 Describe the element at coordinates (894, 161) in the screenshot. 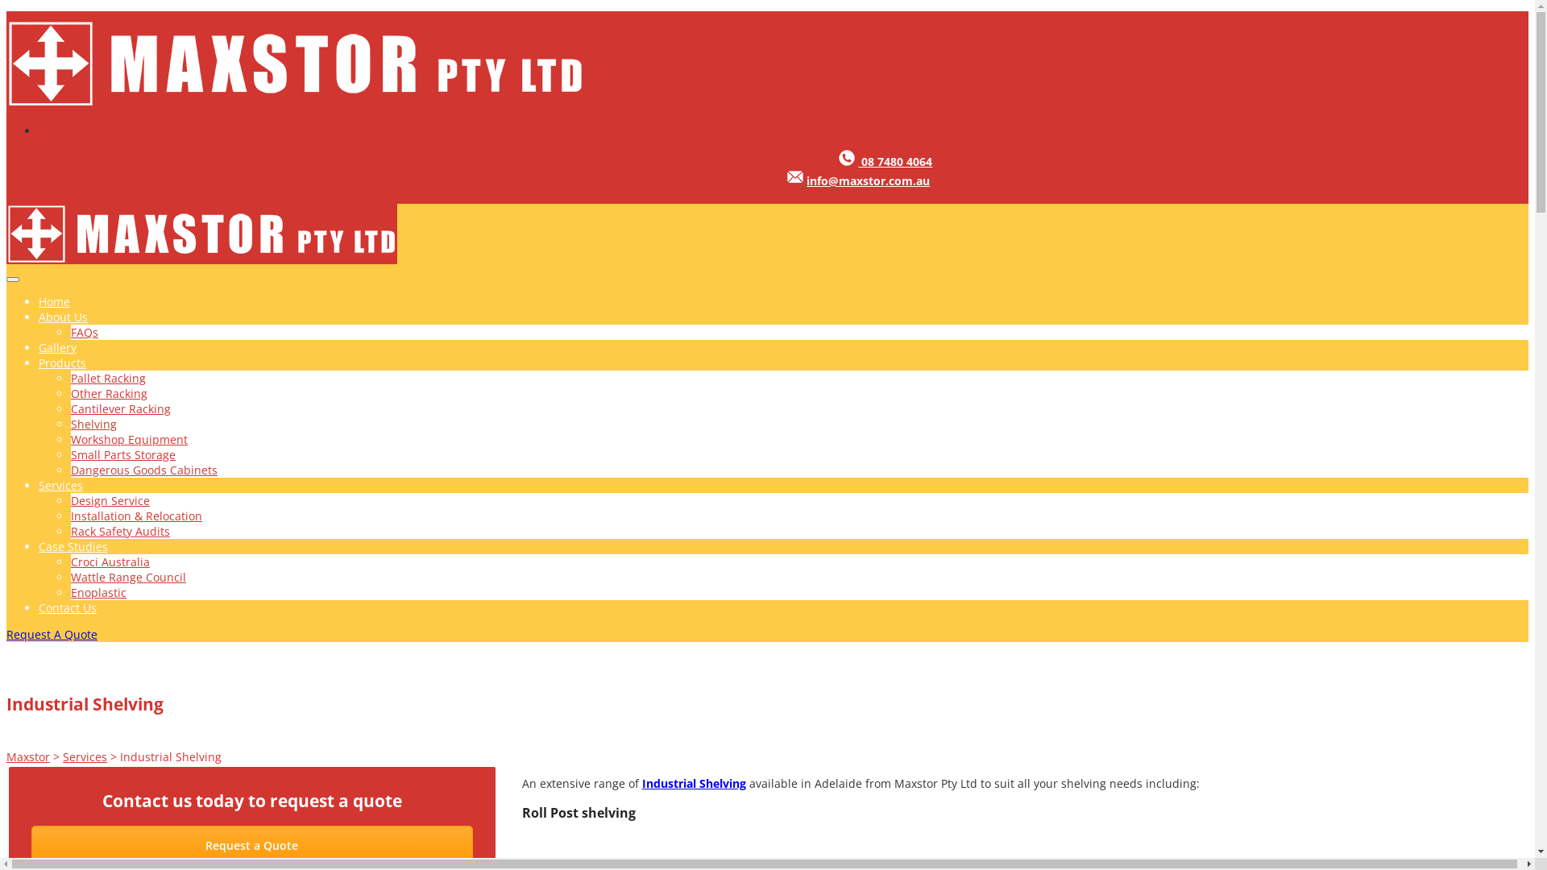

I see `'08 7480 4064'` at that location.